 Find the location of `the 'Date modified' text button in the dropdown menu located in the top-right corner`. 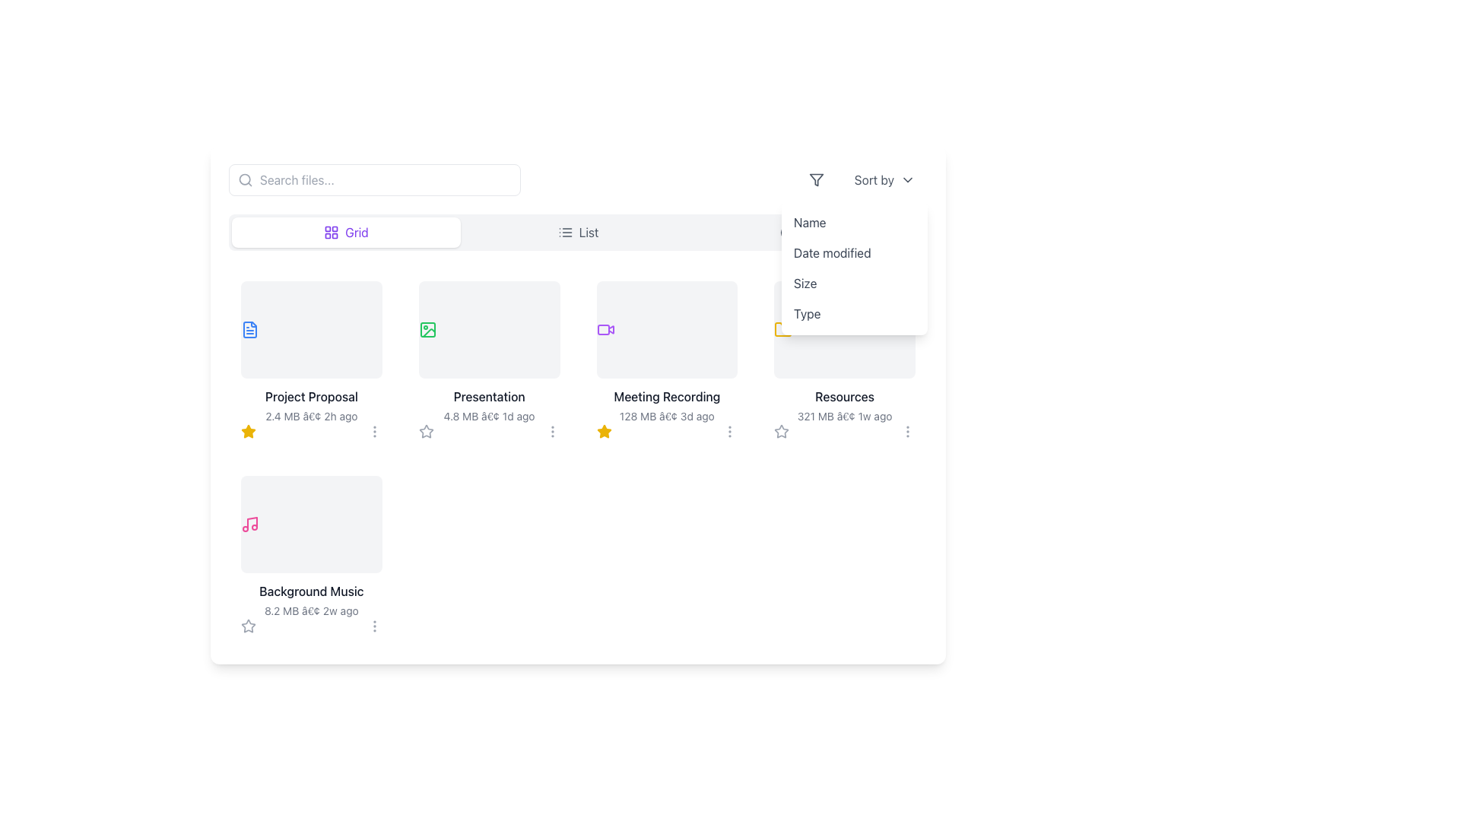

the 'Date modified' text button in the dropdown menu located in the top-right corner is located at coordinates (854, 252).